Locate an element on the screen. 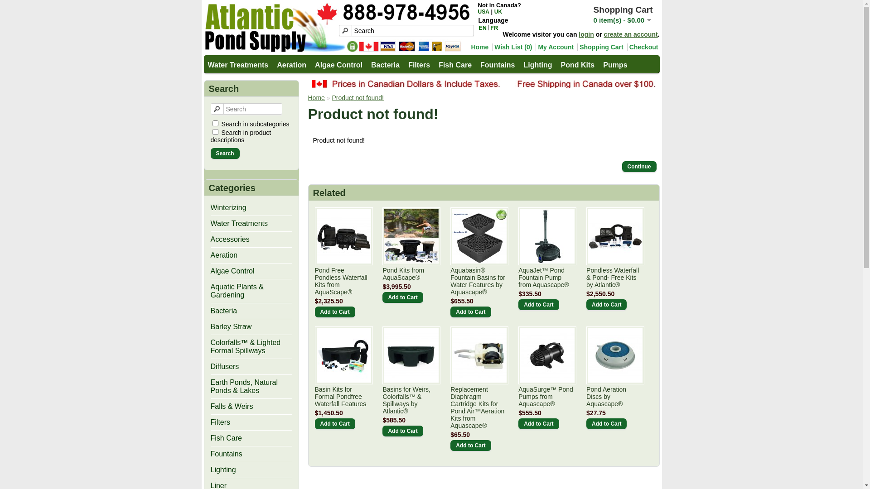 The width and height of the screenshot is (870, 489). 'Pumps' is located at coordinates (599, 63).